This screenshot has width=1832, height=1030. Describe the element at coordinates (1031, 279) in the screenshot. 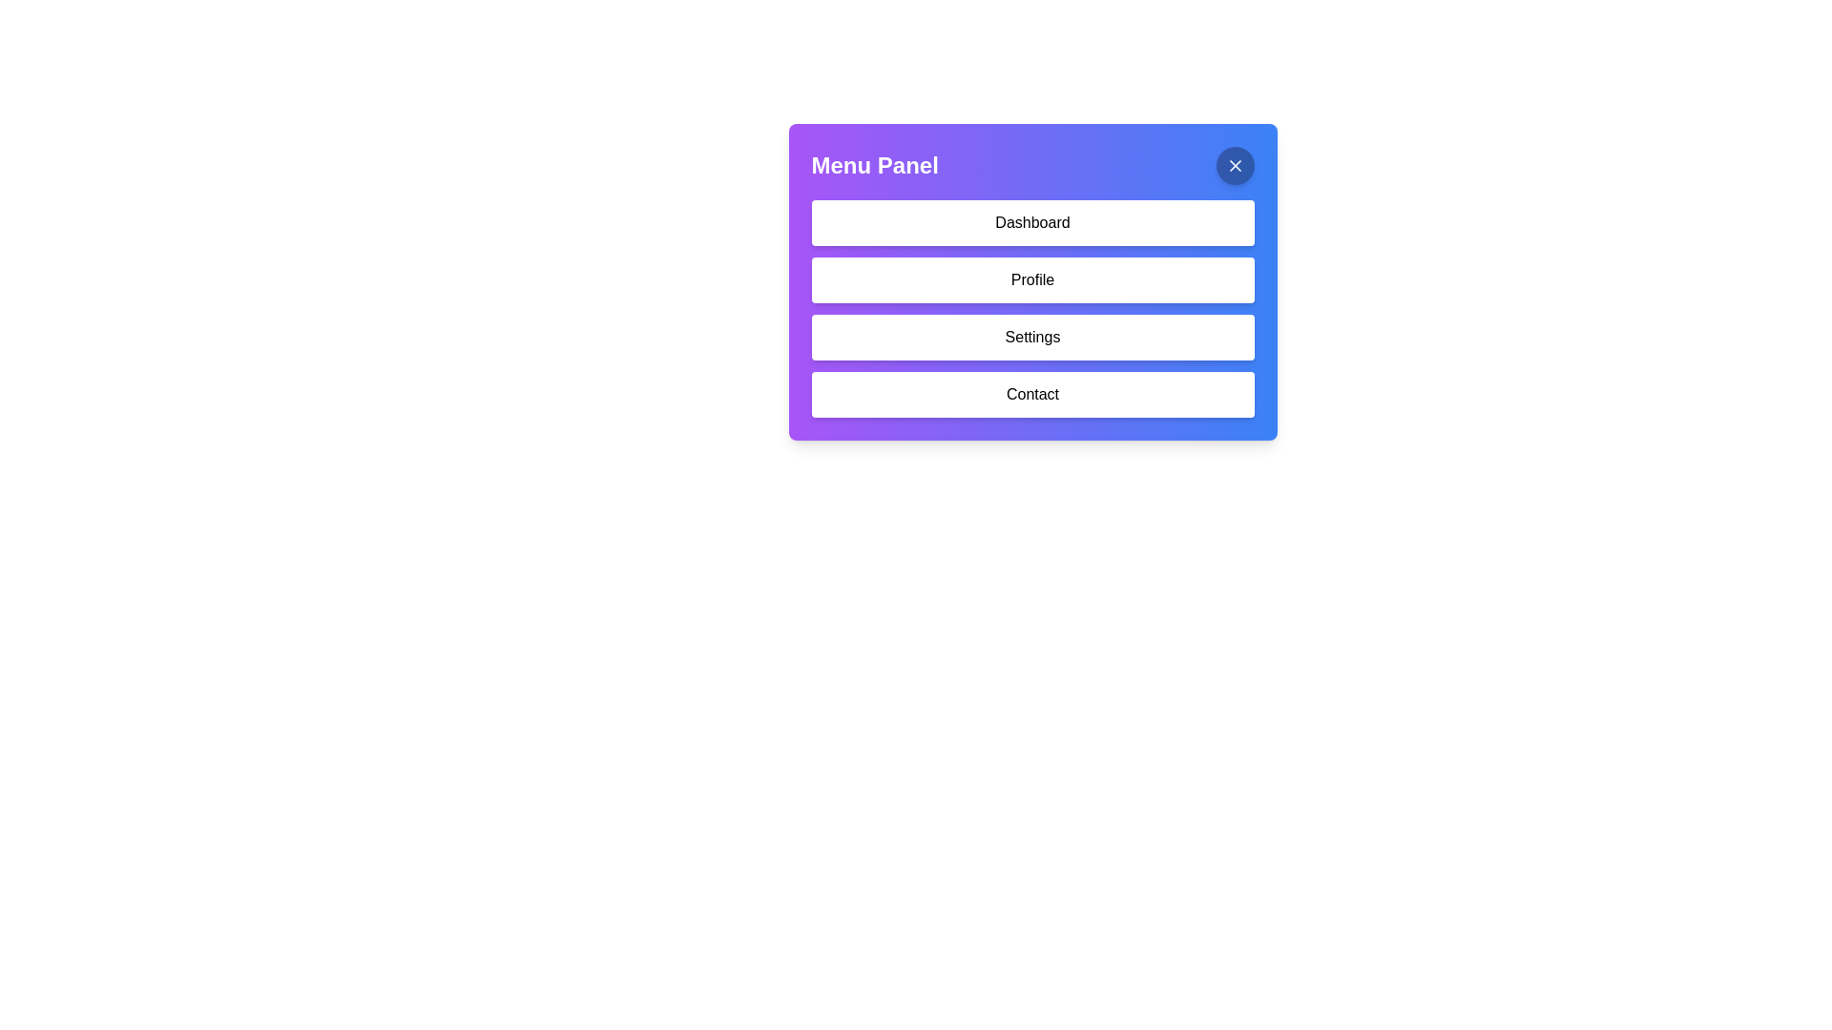

I see `the Profile button located in the vertical menu panel, which is the second button in a sequence of four options` at that location.